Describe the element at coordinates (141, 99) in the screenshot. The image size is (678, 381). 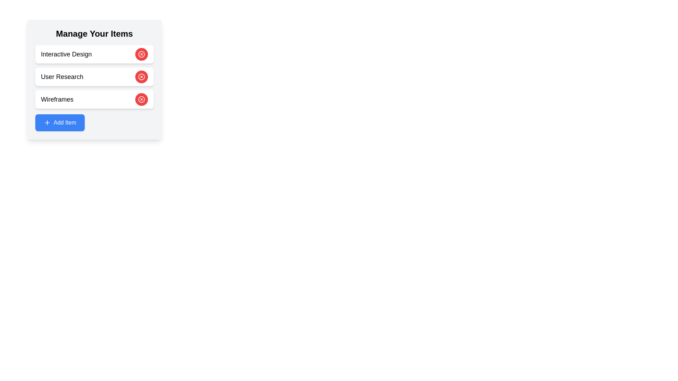
I see `'Remove' button for the item with content Wireframes` at that location.